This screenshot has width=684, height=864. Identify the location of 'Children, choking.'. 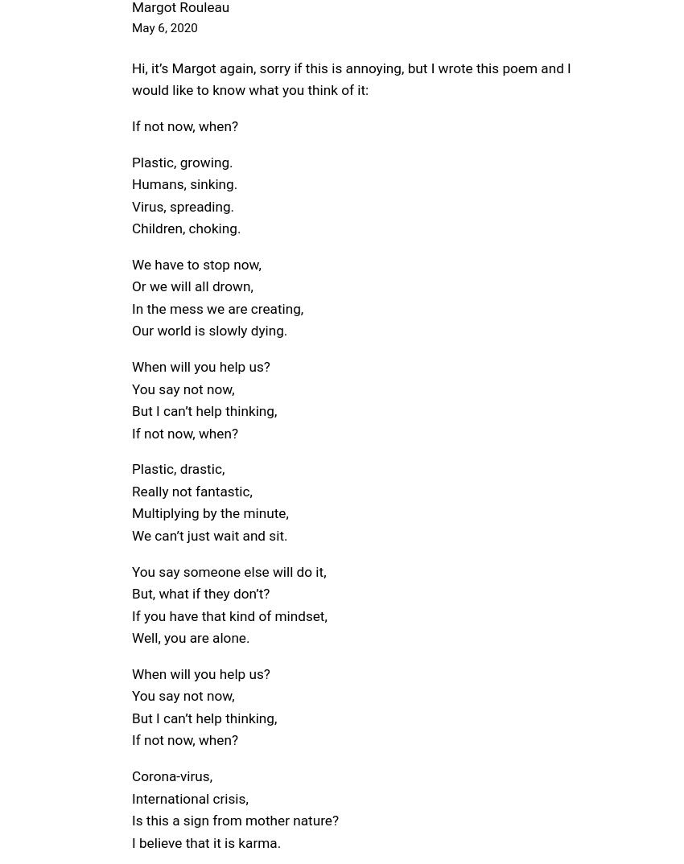
(186, 228).